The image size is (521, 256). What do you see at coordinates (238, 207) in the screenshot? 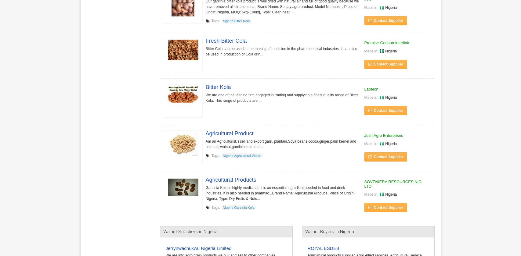
I see `'Nigeria Garcinia Kola'` at bounding box center [238, 207].